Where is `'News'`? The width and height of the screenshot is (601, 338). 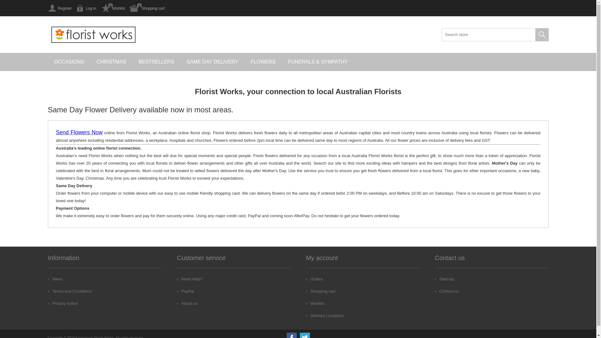 'News' is located at coordinates (55, 279).